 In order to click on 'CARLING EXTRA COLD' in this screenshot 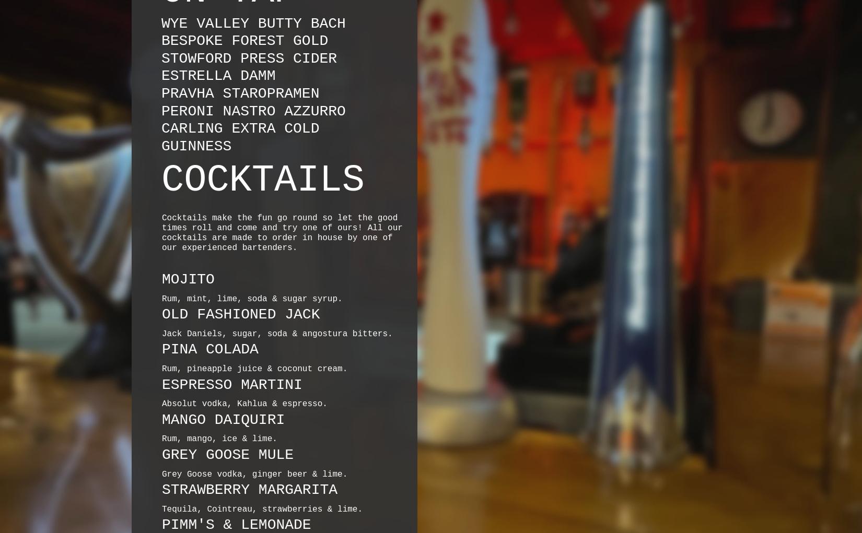, I will do `click(240, 128)`.